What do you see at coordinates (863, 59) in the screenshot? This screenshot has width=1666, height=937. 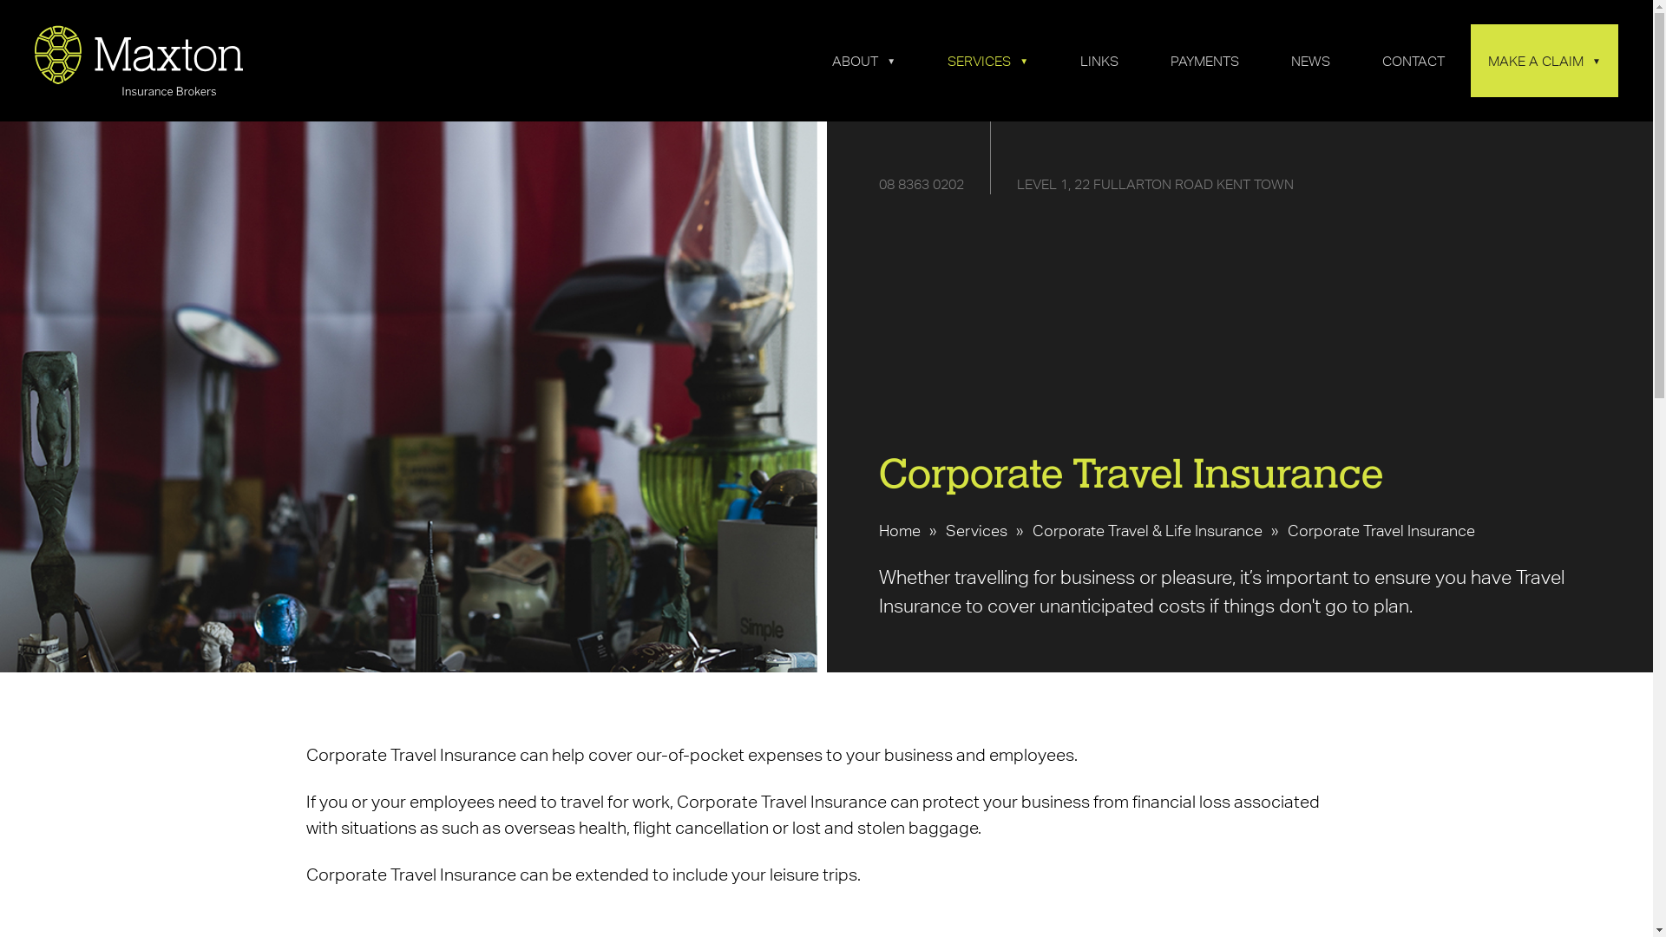 I see `'ABOUT'` at bounding box center [863, 59].